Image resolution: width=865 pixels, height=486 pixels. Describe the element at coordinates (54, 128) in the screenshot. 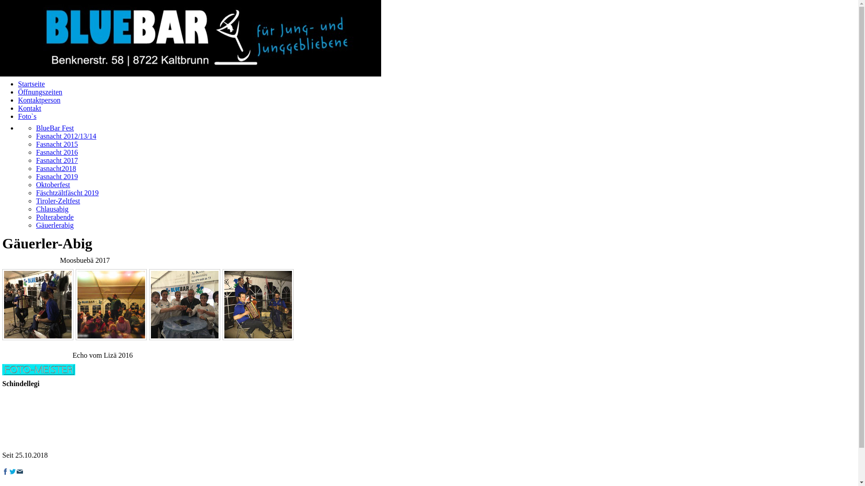

I see `'BlueBar Fest'` at that location.